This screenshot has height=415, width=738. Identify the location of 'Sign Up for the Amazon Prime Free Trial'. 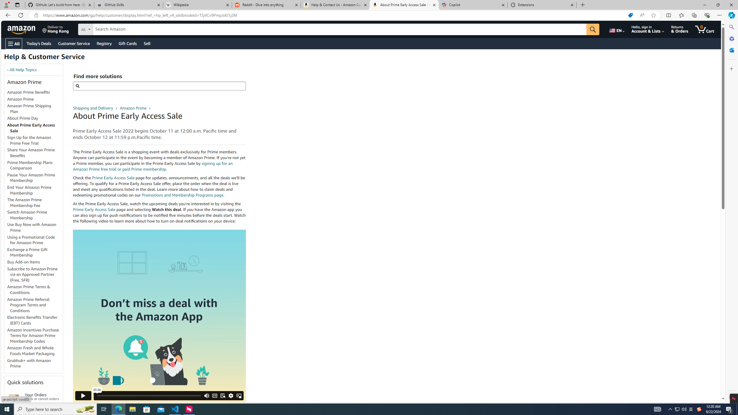
(29, 140).